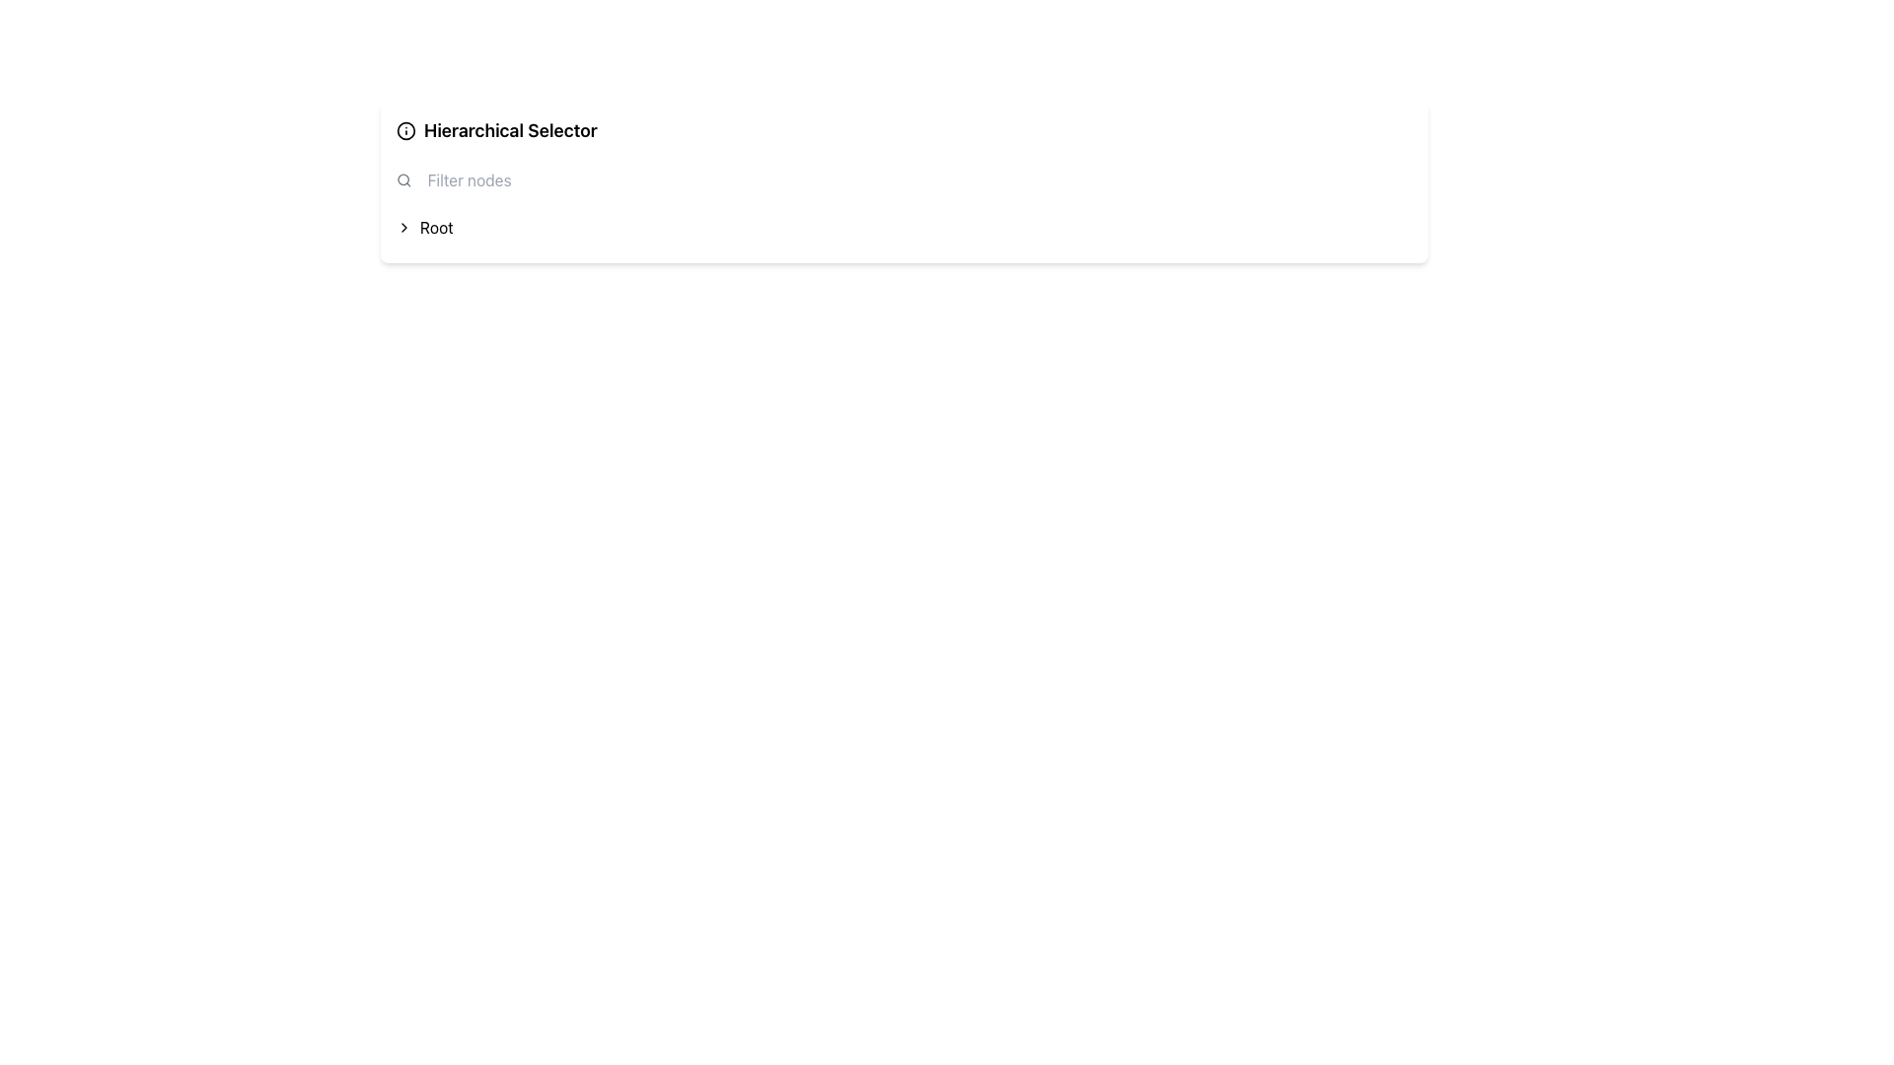 This screenshot has width=1894, height=1065. I want to click on the navigation indicator button, which is an interactive SVG icon located to the left of the 'Root' label in a hierarchical selector interface, so click(402, 227).